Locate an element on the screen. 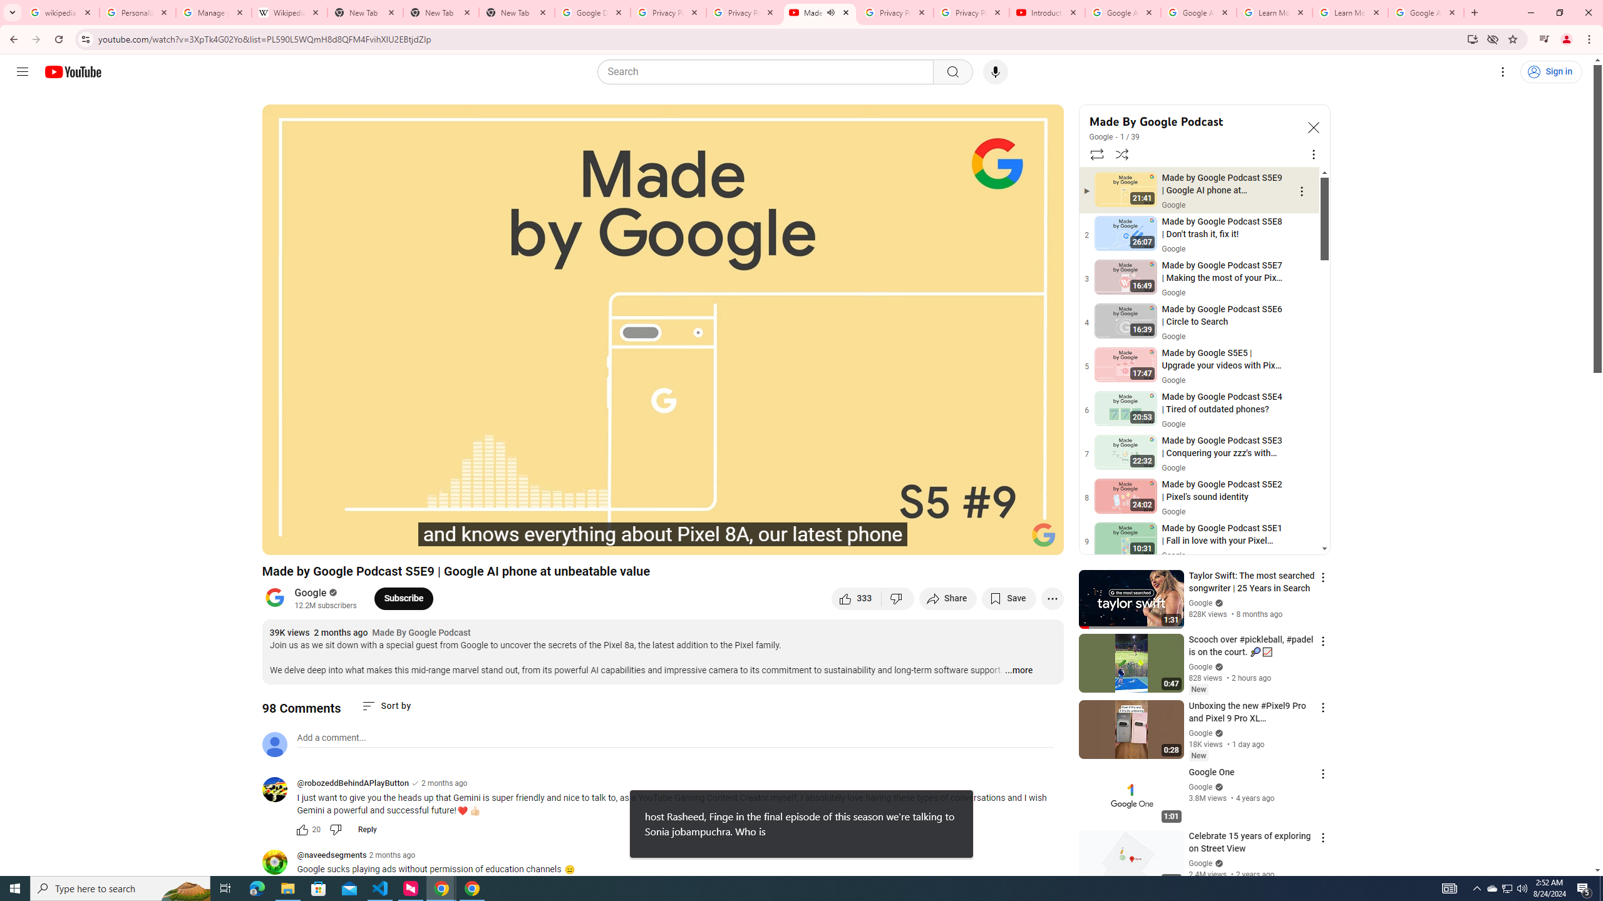 The width and height of the screenshot is (1603, 901). 'Manage your Location History - Google Search Help' is located at coordinates (214, 12).